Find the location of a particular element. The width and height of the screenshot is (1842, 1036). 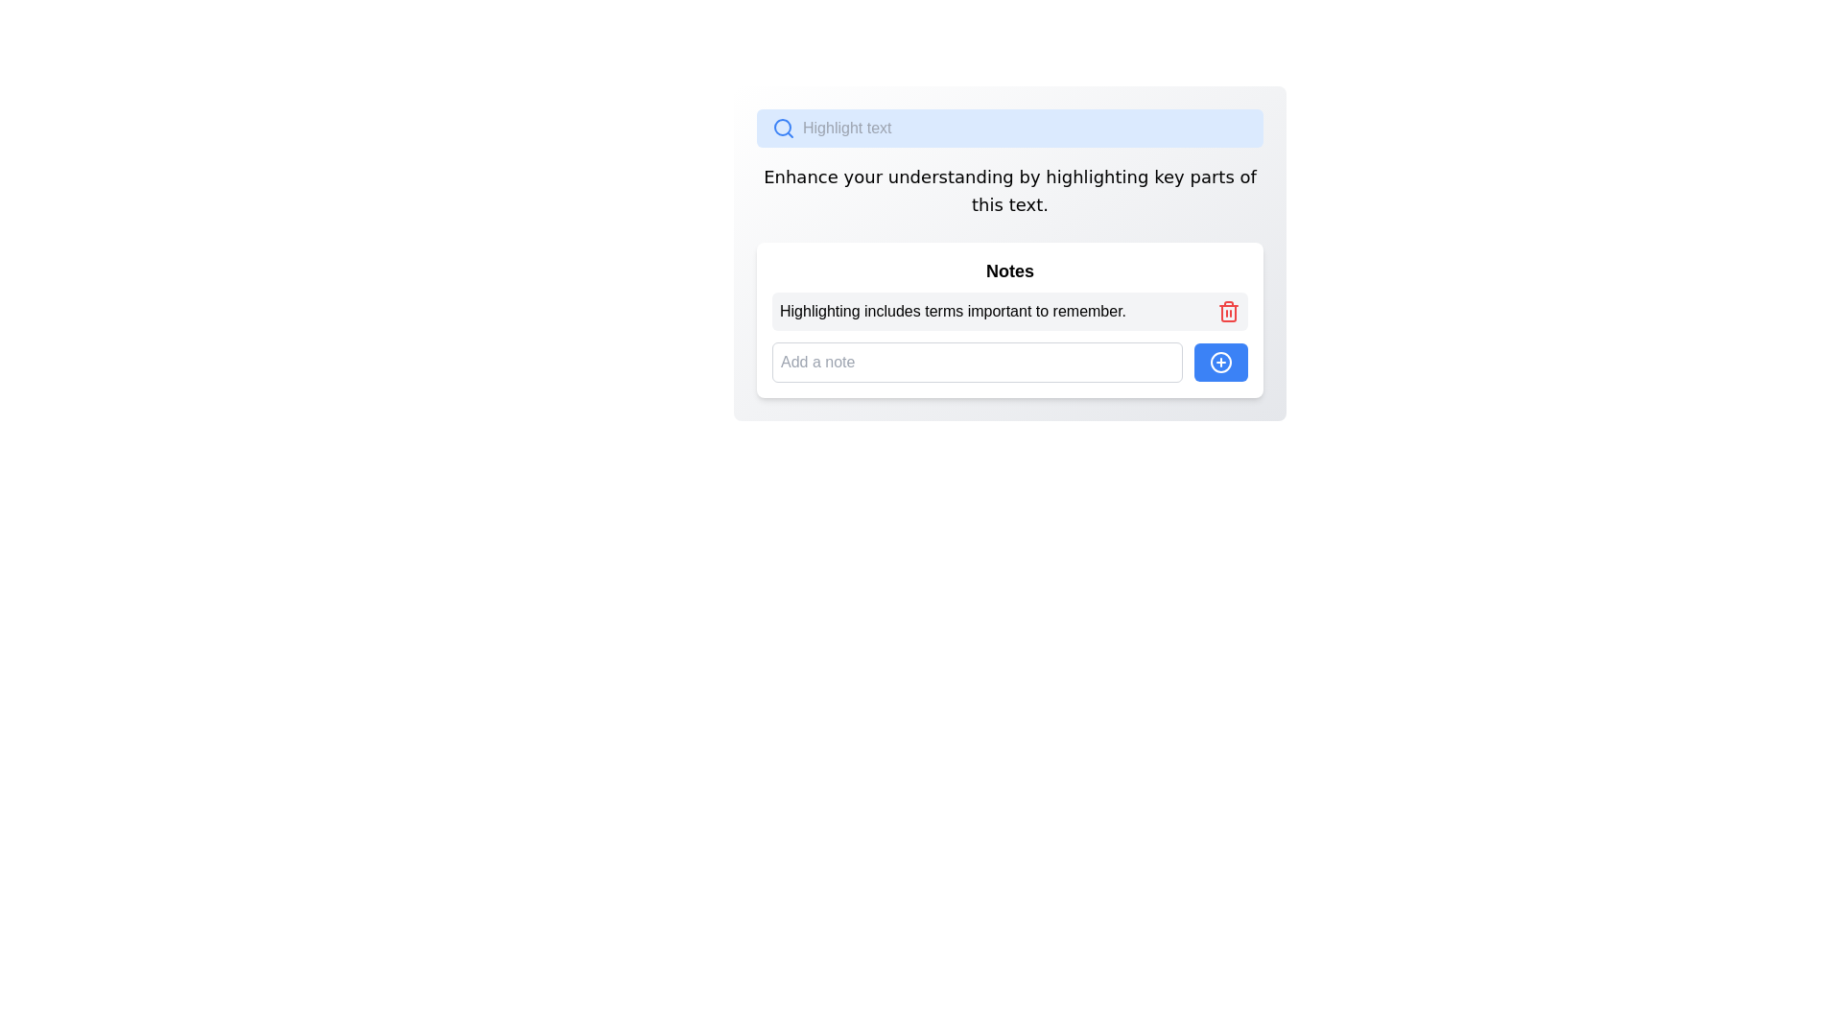

the letter 'a' in the word 'parts' within the sentence 'Enhance your understanding by highlighting key parts of this text.' is located at coordinates (1205, 177).